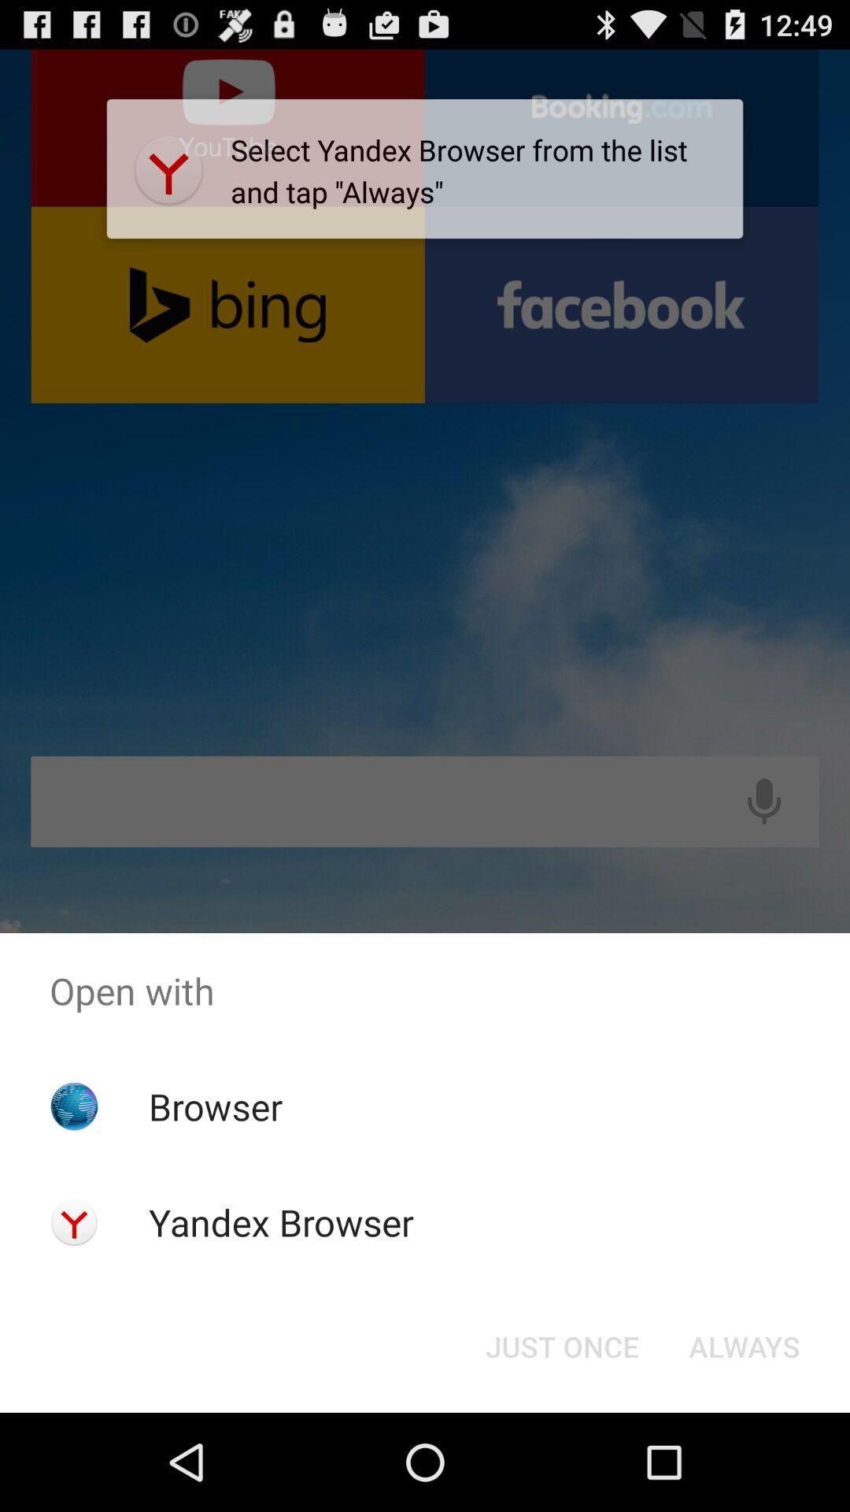 The height and width of the screenshot is (1512, 850). What do you see at coordinates (744, 1345) in the screenshot?
I see `item to the right of just once item` at bounding box center [744, 1345].